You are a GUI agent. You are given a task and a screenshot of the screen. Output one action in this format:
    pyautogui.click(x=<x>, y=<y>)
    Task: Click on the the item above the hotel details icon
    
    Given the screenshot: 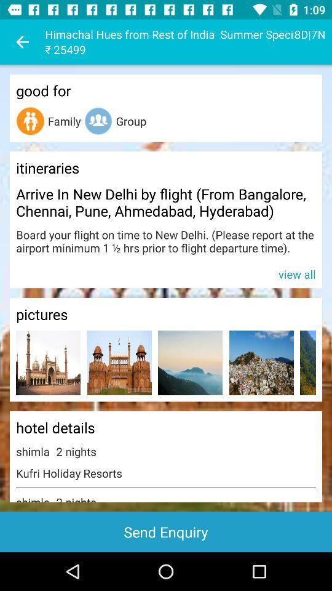 What is the action you would take?
    pyautogui.click(x=47, y=363)
    